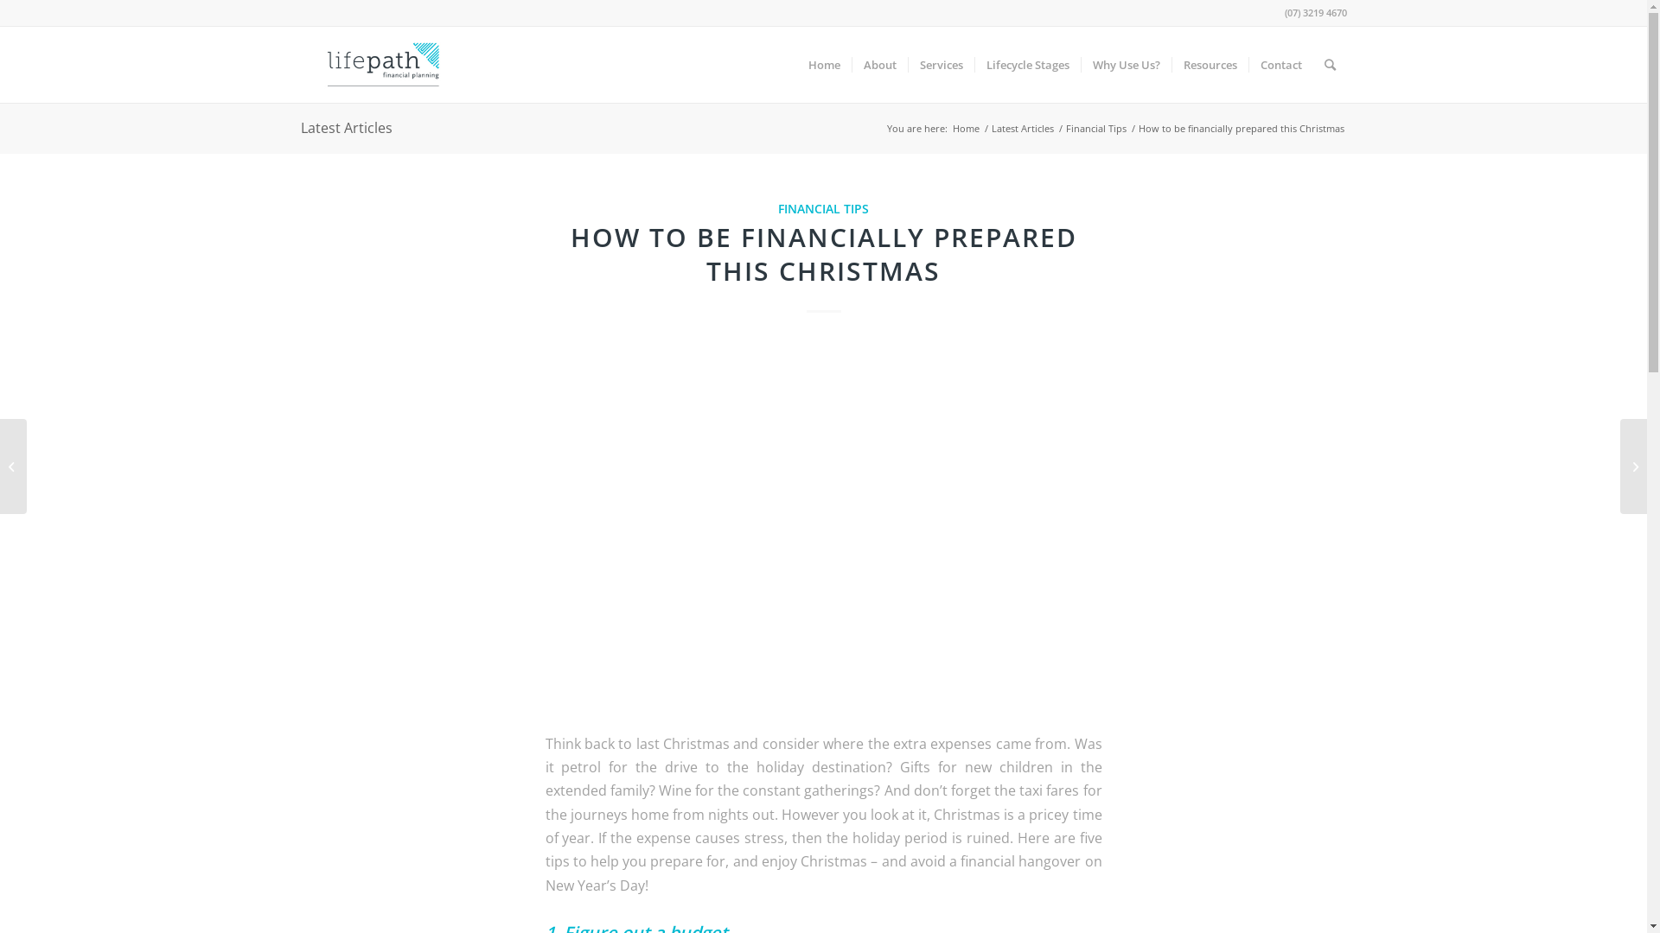  What do you see at coordinates (988, 127) in the screenshot?
I see `'Latest Articles'` at bounding box center [988, 127].